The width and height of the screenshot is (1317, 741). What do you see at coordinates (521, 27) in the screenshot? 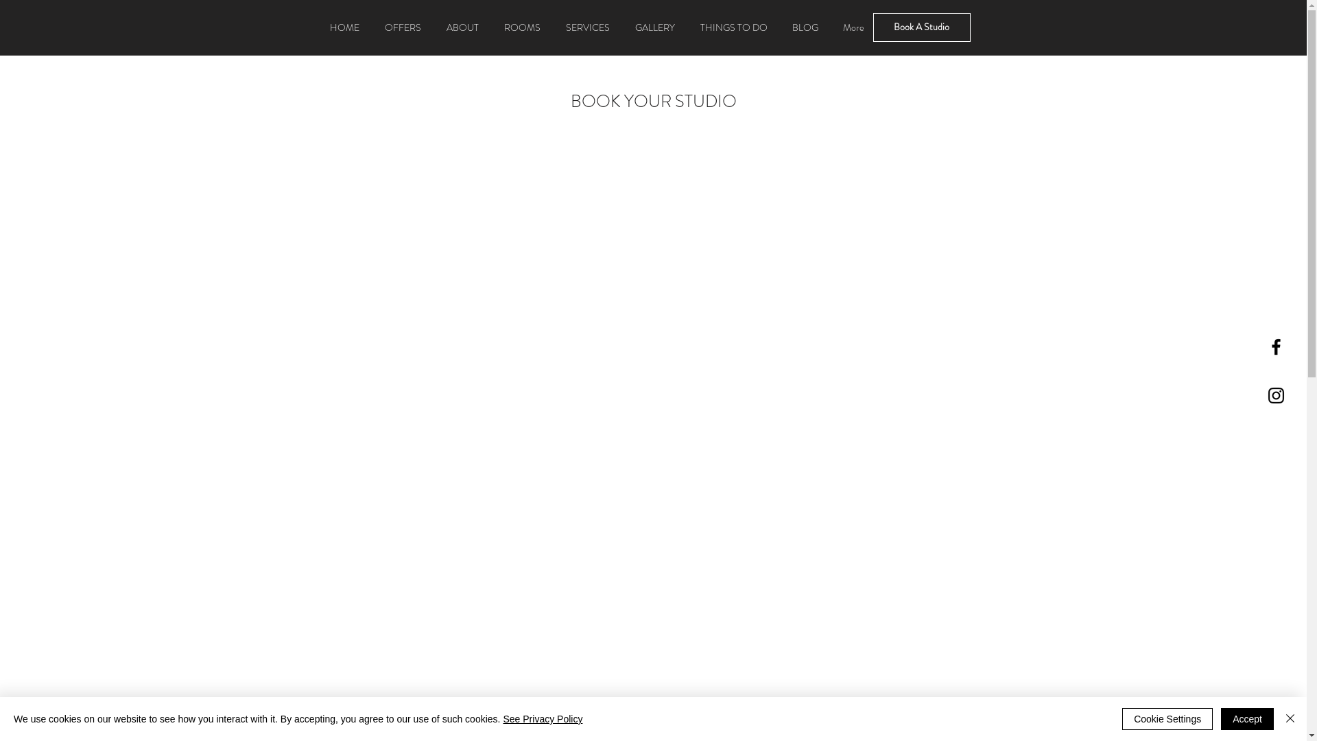
I see `'ROOMS'` at bounding box center [521, 27].